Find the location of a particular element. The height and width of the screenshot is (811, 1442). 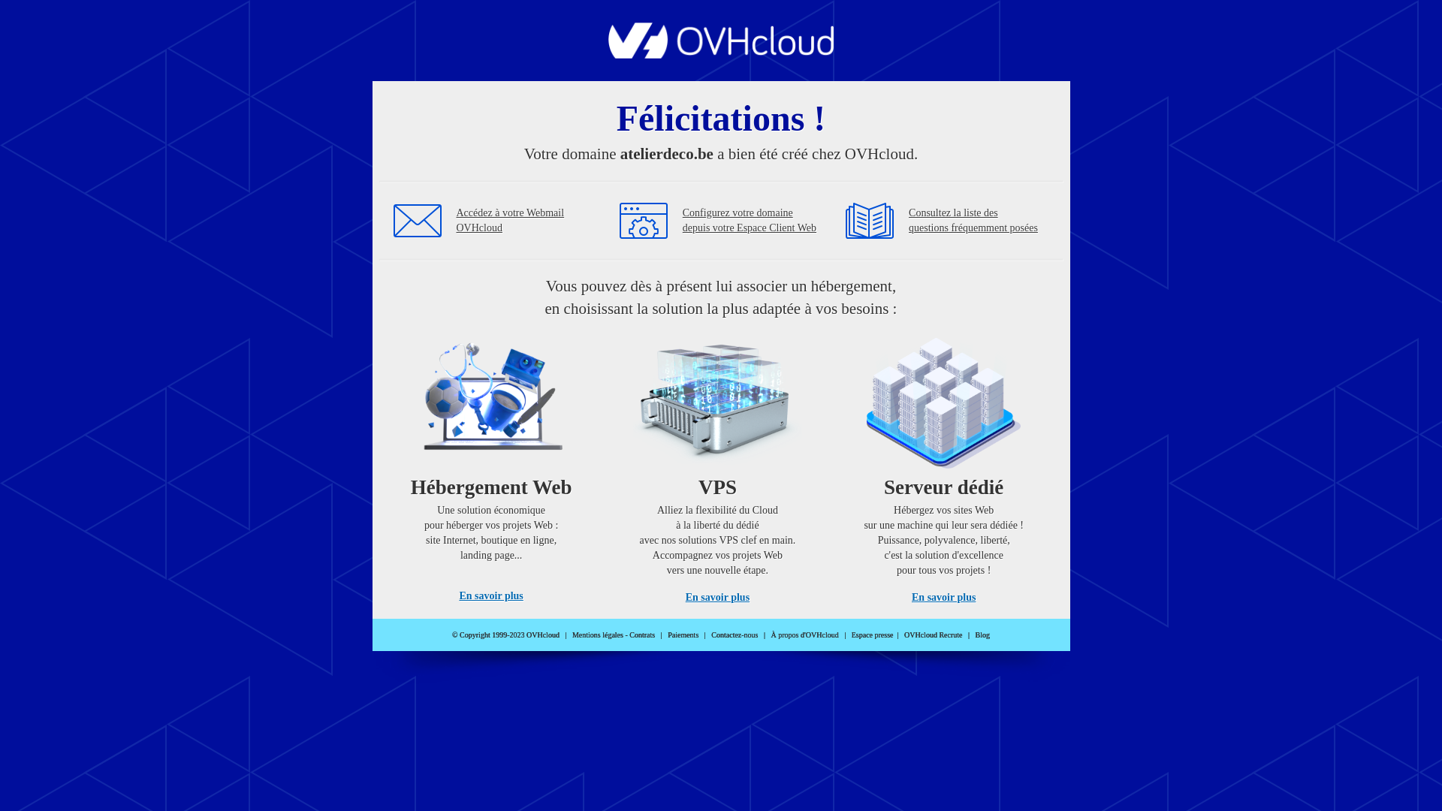

'Configurez votre domaine is located at coordinates (750, 220).